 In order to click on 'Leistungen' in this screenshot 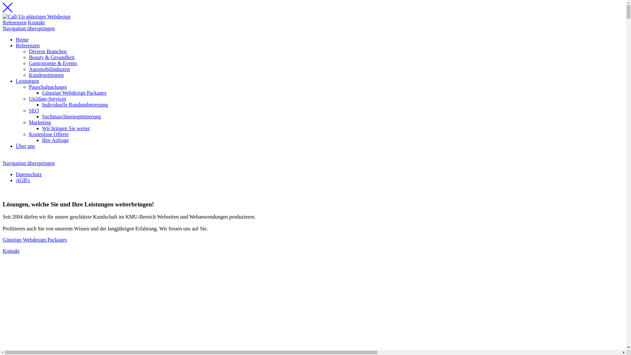, I will do `click(27, 81)`.